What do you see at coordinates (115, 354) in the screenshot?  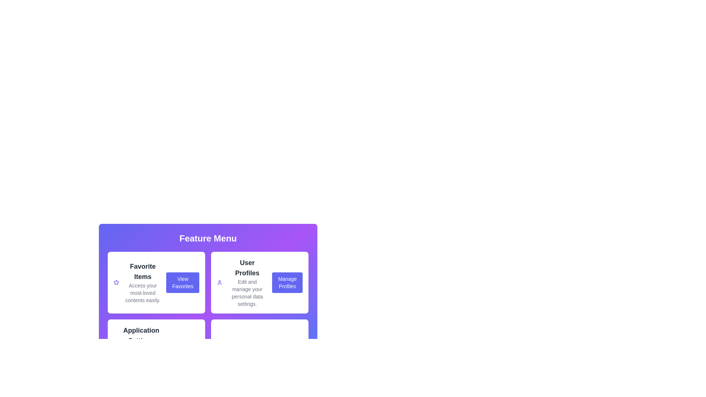 I see `the icon corresponding to Application Settings` at bounding box center [115, 354].